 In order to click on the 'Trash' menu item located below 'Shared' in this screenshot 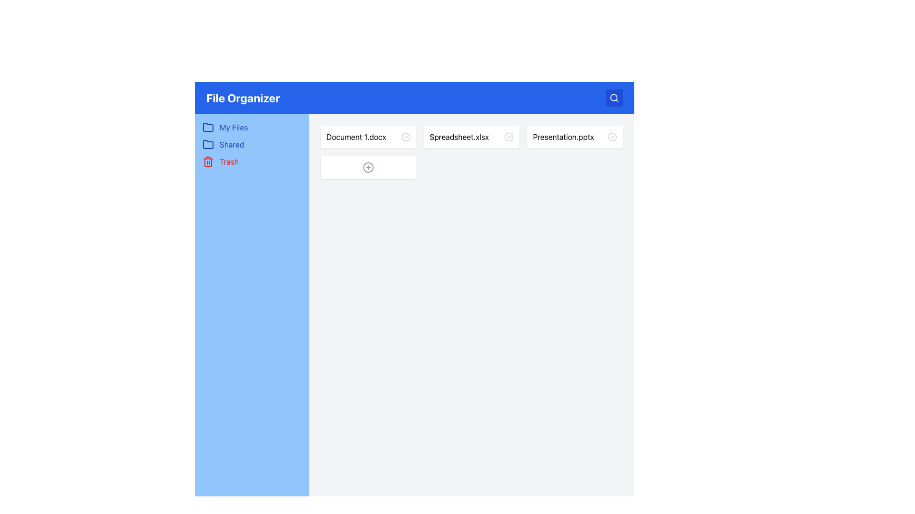, I will do `click(252, 161)`.